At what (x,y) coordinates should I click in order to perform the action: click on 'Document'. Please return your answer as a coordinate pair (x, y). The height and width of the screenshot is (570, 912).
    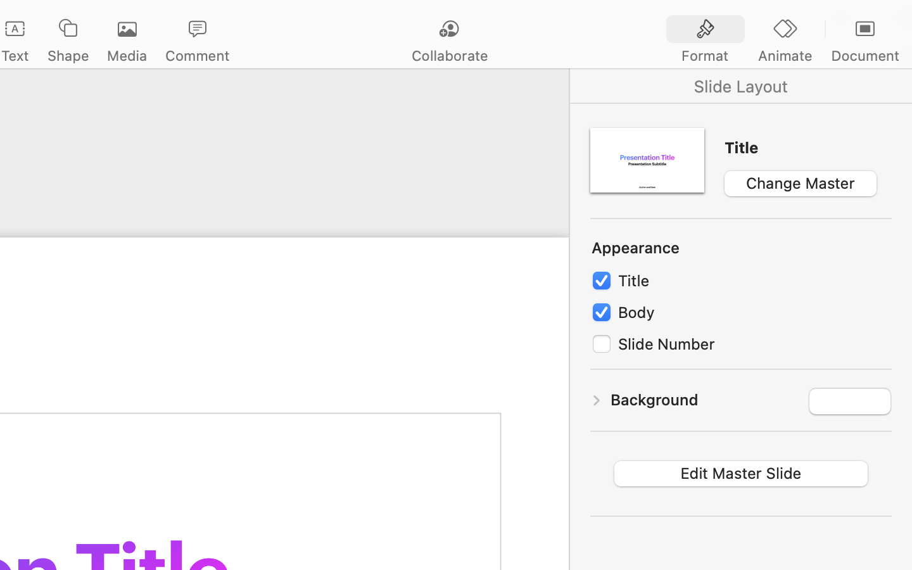
    Looking at the image, I should click on (863, 55).